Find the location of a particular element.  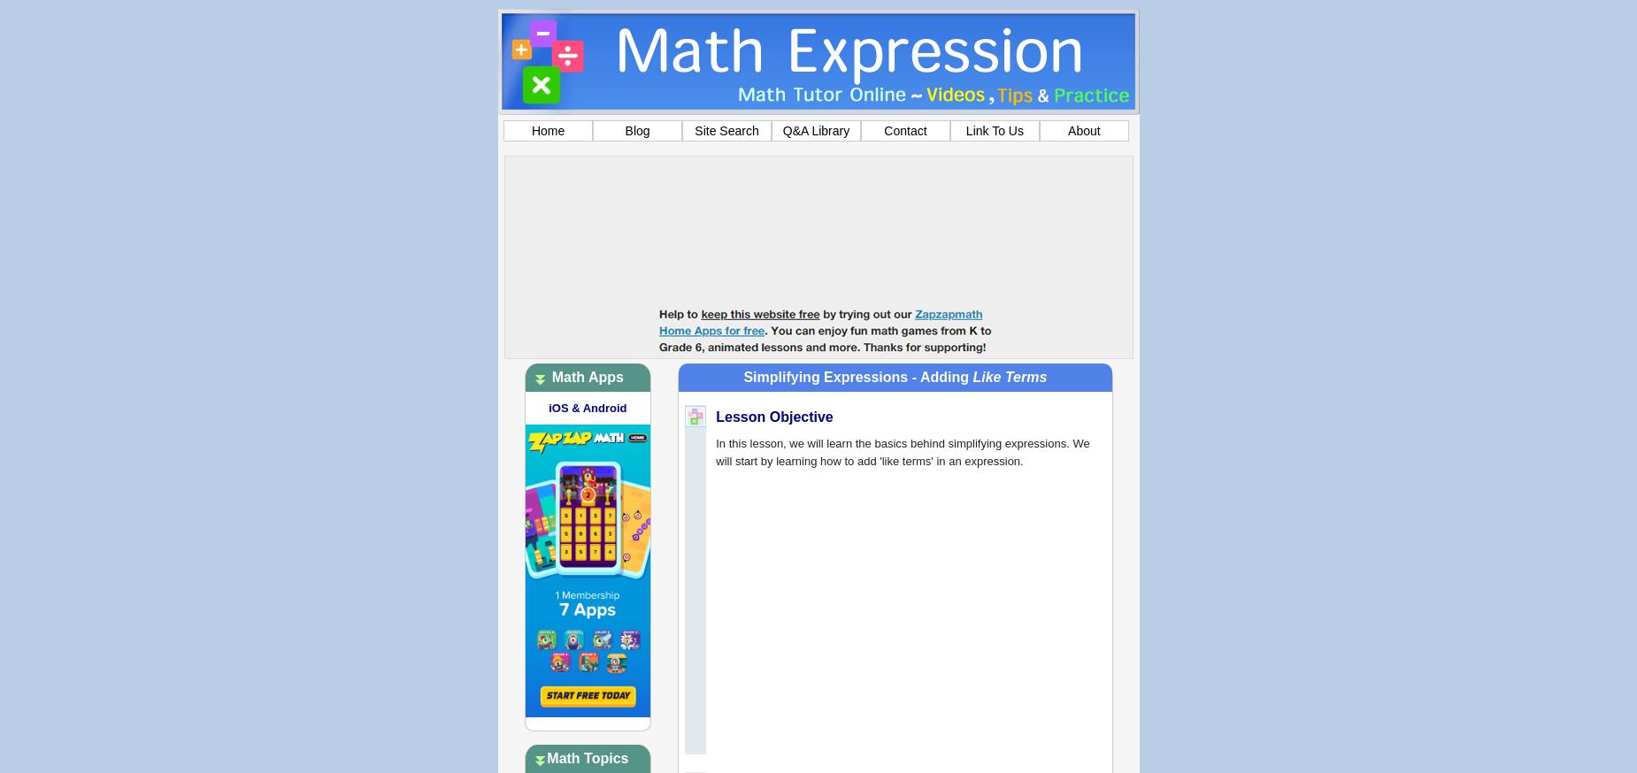

'Math Apps' is located at coordinates (551, 376).